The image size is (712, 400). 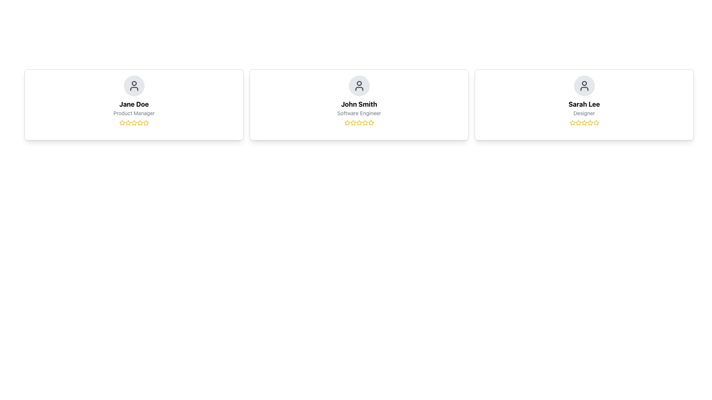 What do you see at coordinates (122, 122) in the screenshot?
I see `the yellow star icon with a hollow center, which is the first star in a series of five rating stars located beneath the text 'Jane Doe' and 'Product Manager'` at bounding box center [122, 122].